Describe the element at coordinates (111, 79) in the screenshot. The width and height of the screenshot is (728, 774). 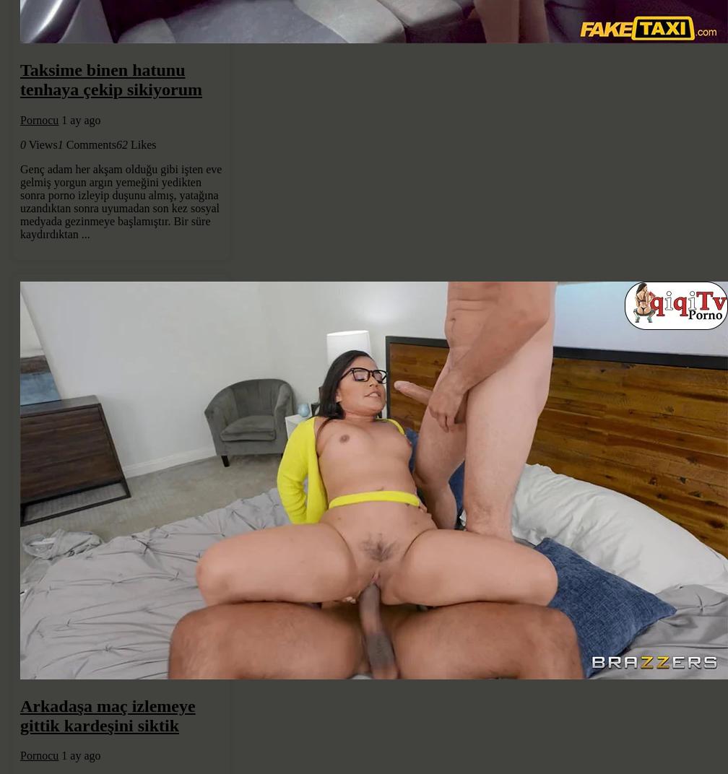
I see `'Taksime binen hatunu tenhaya çekip sikiyorum'` at that location.